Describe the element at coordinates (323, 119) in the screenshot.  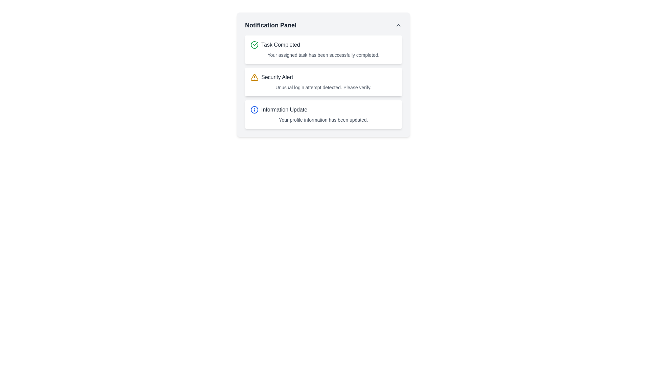
I see `confirmation message text label that displays a successful update to the user's profile information, located beneath the title 'Information Update'` at that location.